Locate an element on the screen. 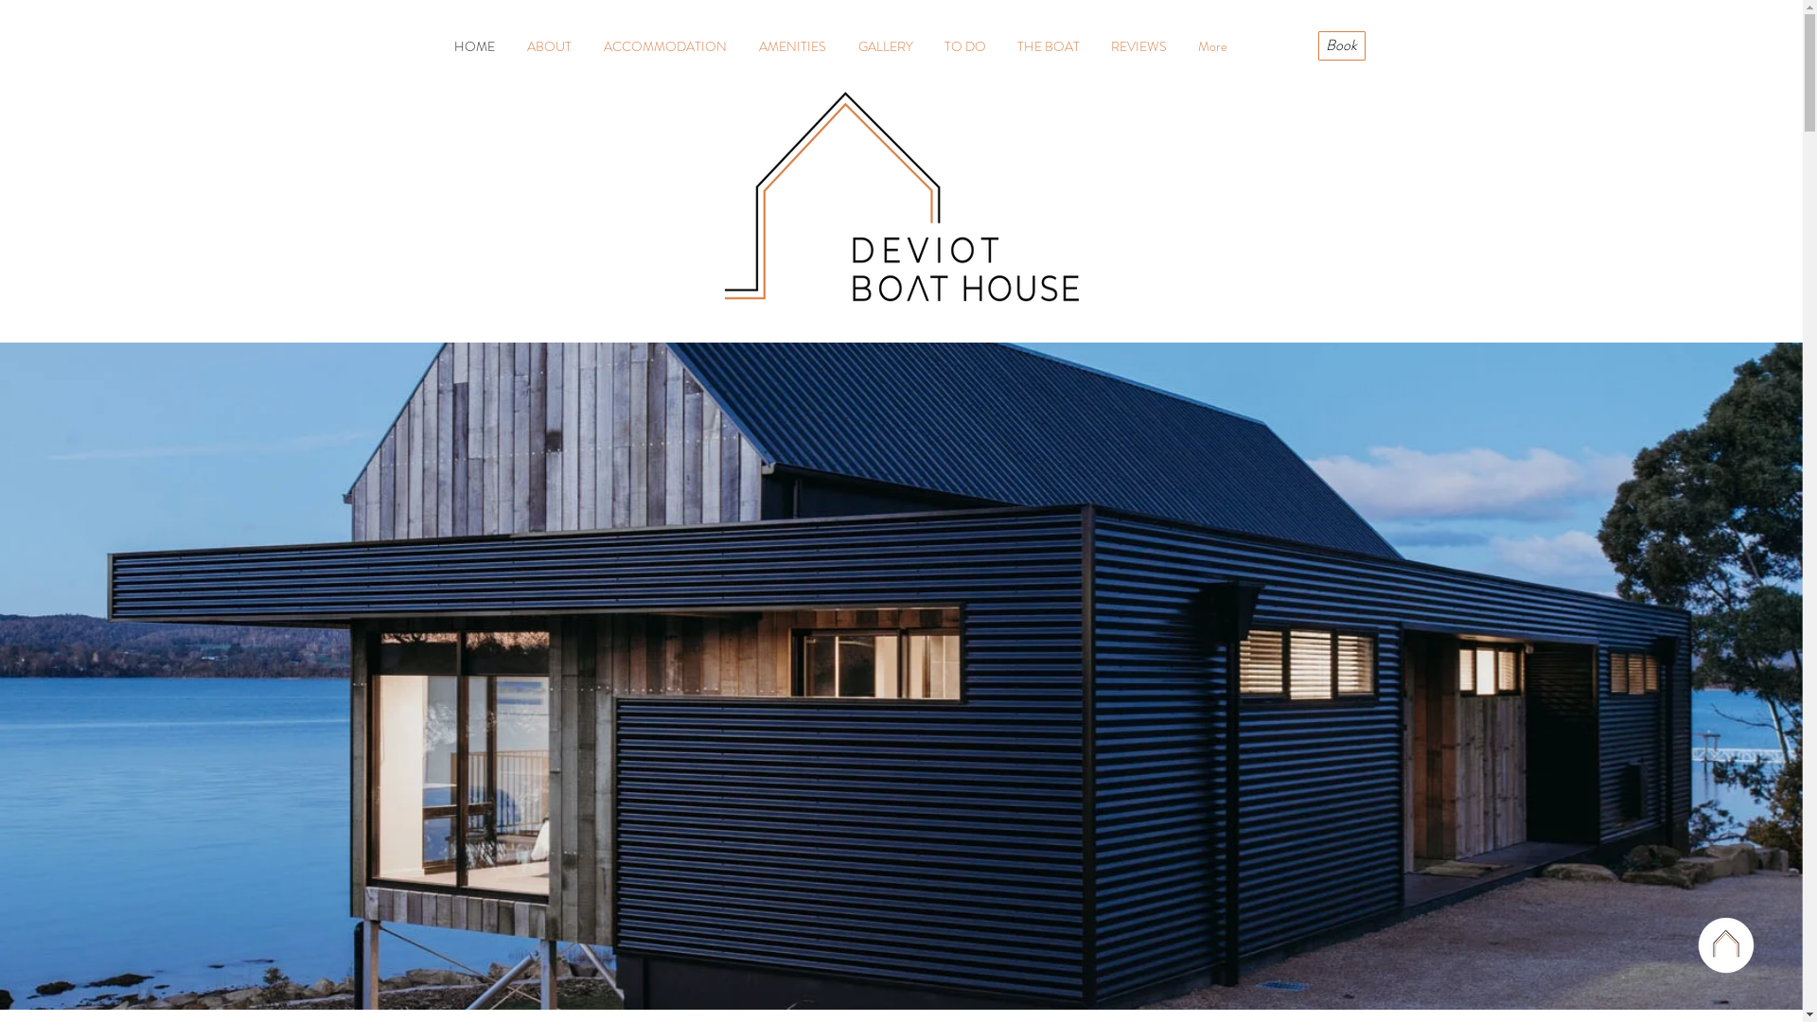  'ABOUT' is located at coordinates (548, 45).